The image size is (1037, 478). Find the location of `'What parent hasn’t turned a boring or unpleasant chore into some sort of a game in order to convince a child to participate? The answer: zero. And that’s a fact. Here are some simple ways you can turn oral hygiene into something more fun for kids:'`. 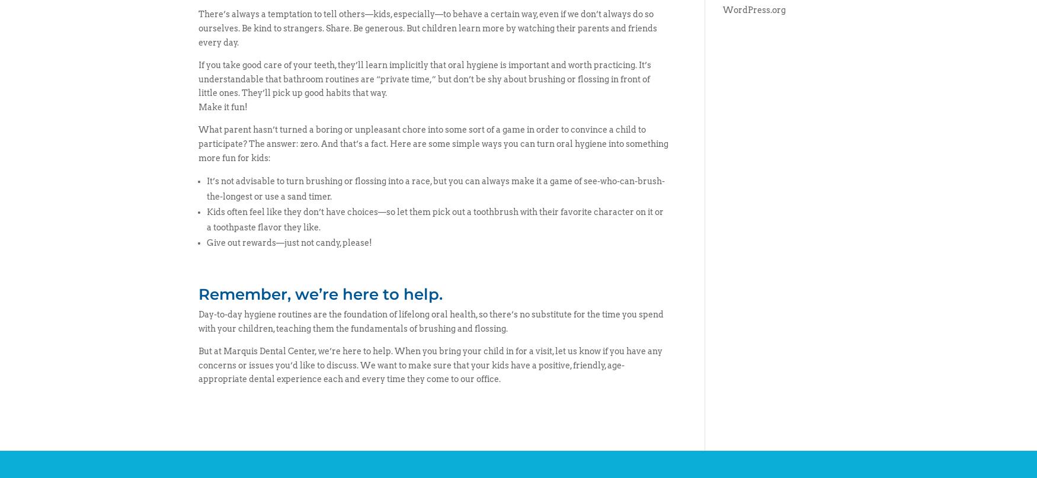

'What parent hasn’t turned a boring or unpleasant chore into some sort of a game in order to convince a child to participate? The answer: zero. And that’s a fact. Here are some simple ways you can turn oral hygiene into something more fun for kids:' is located at coordinates (198, 143).